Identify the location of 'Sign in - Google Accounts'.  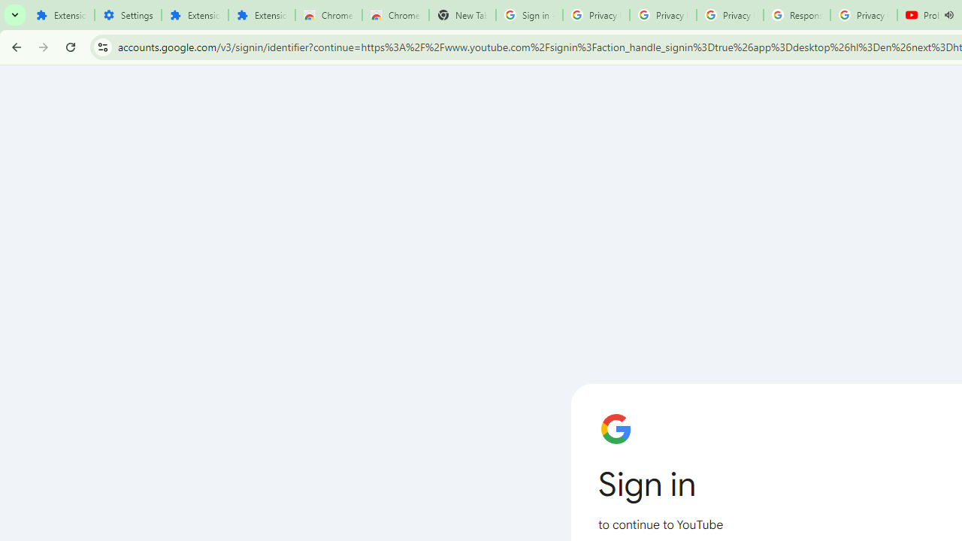
(529, 15).